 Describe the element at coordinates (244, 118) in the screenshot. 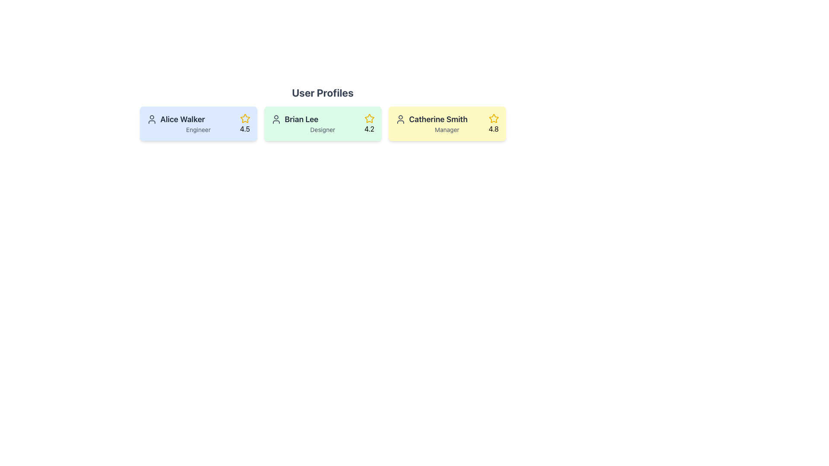

I see `the yellow star icon located in the top-right corner of the first user card labeled 'Alice Walker, Engineer' to interact with it` at that location.